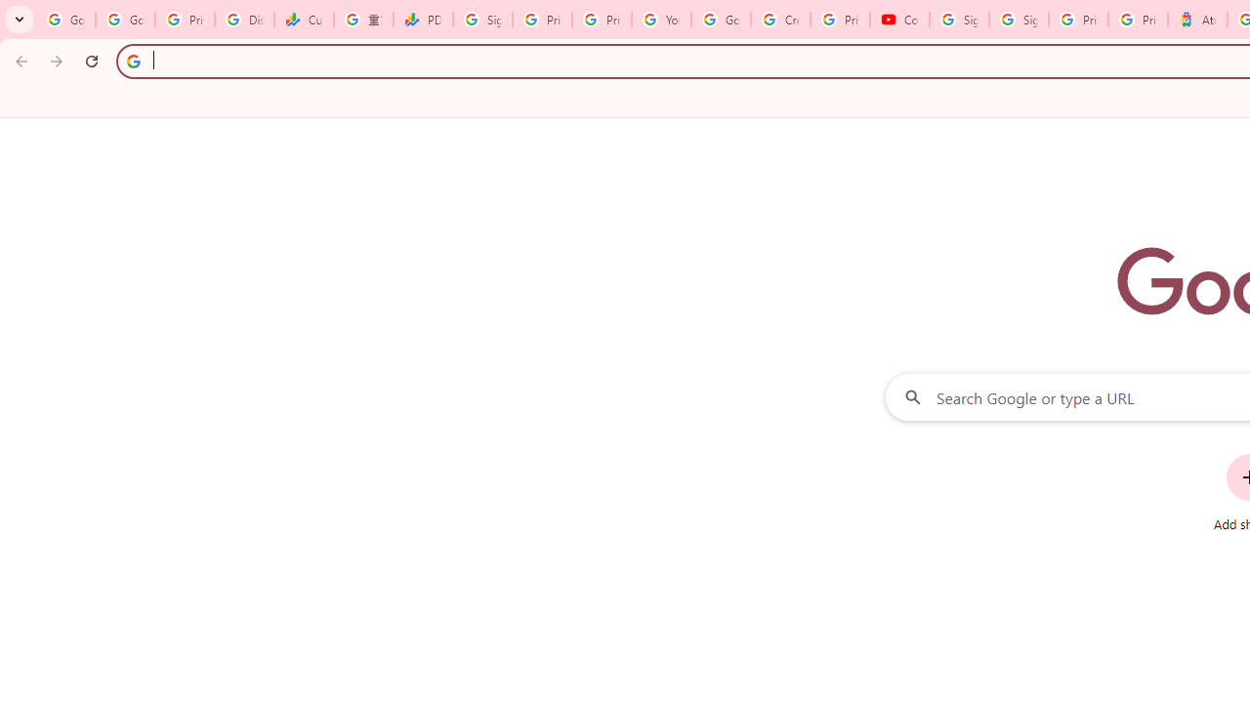 This screenshot has height=703, width=1250. I want to click on 'Sign in - Google Accounts', so click(1018, 20).